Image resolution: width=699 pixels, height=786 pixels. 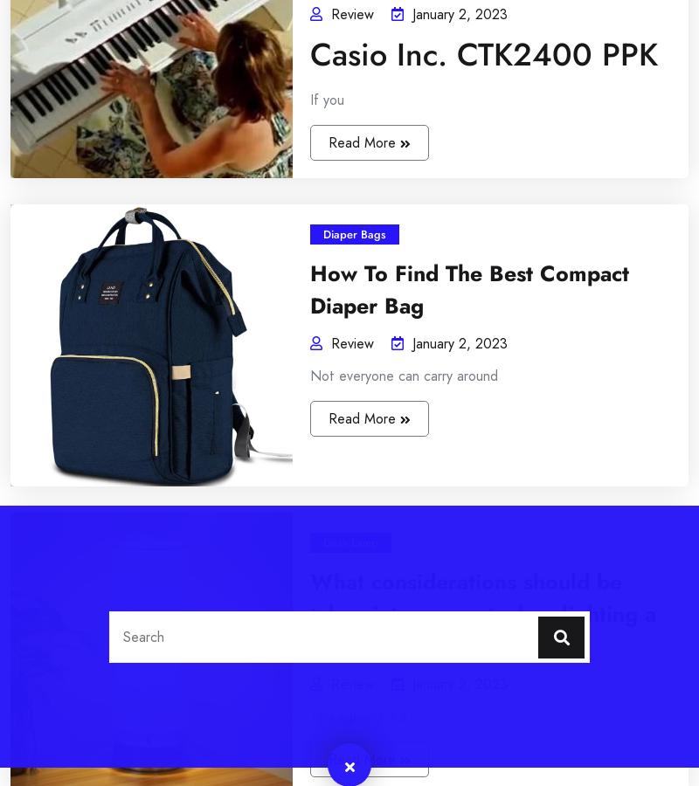 I want to click on 'How To Find The Best Compact Diaper Bag', so click(x=257, y=504).